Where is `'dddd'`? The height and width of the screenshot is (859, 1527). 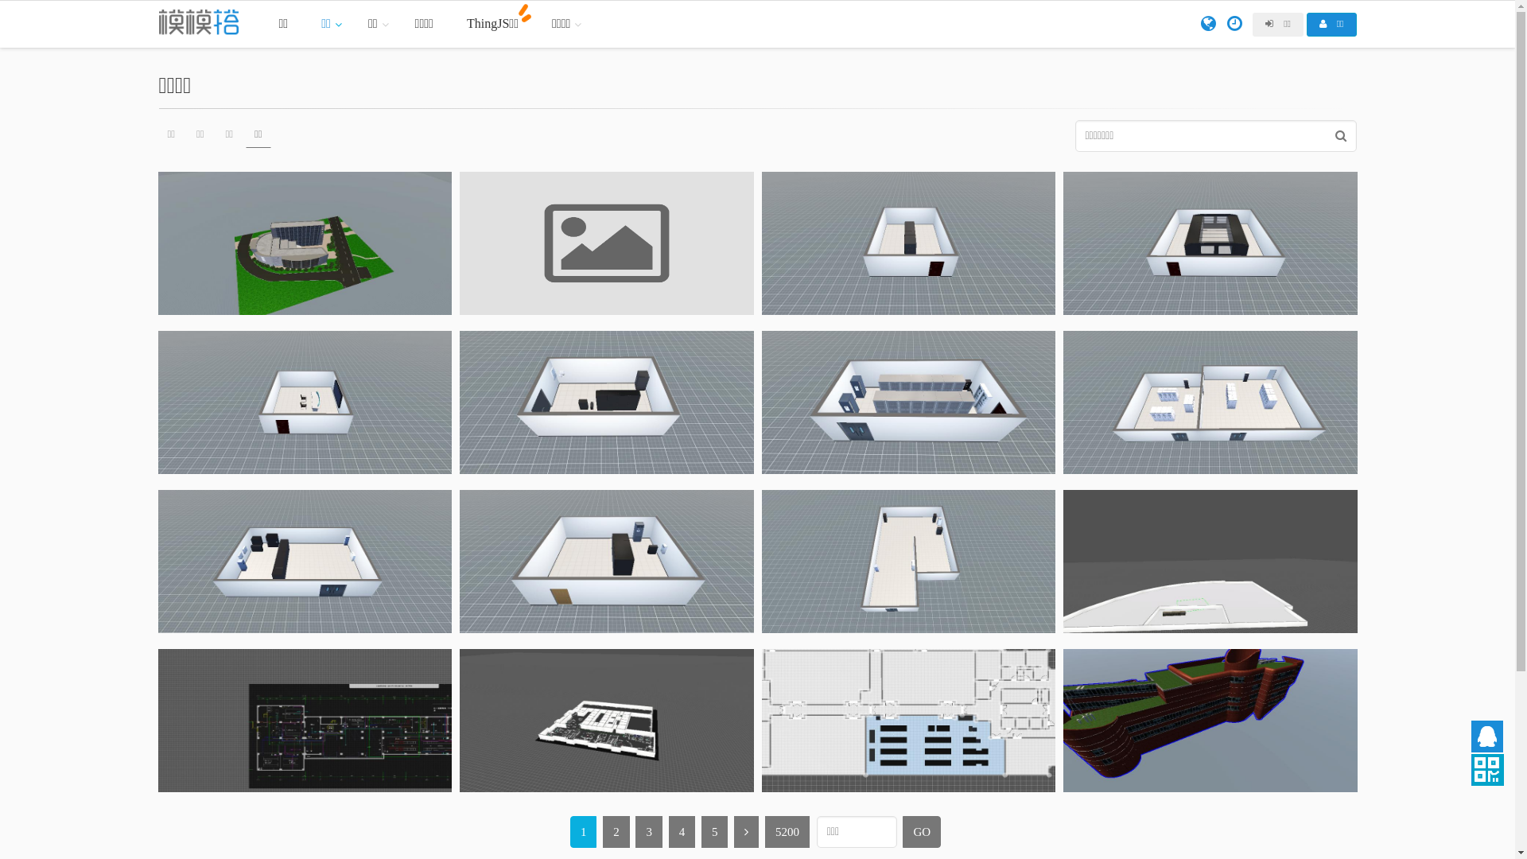
'dddd' is located at coordinates (458, 243).